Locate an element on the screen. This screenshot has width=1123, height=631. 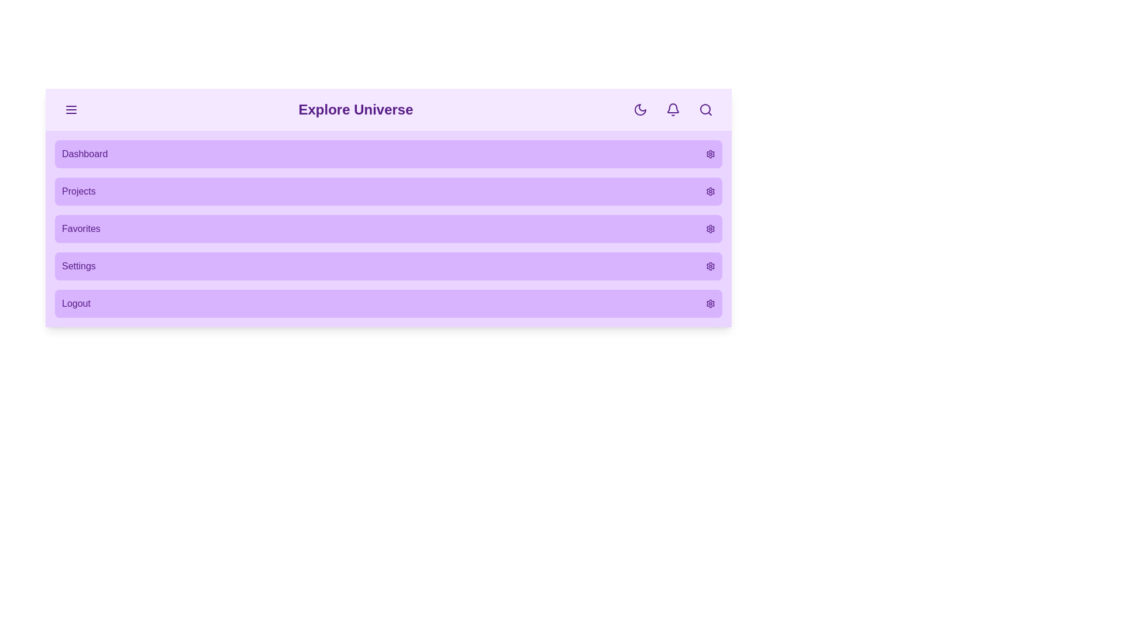
the settings icon for the menu item labeled Projects is located at coordinates (709, 190).